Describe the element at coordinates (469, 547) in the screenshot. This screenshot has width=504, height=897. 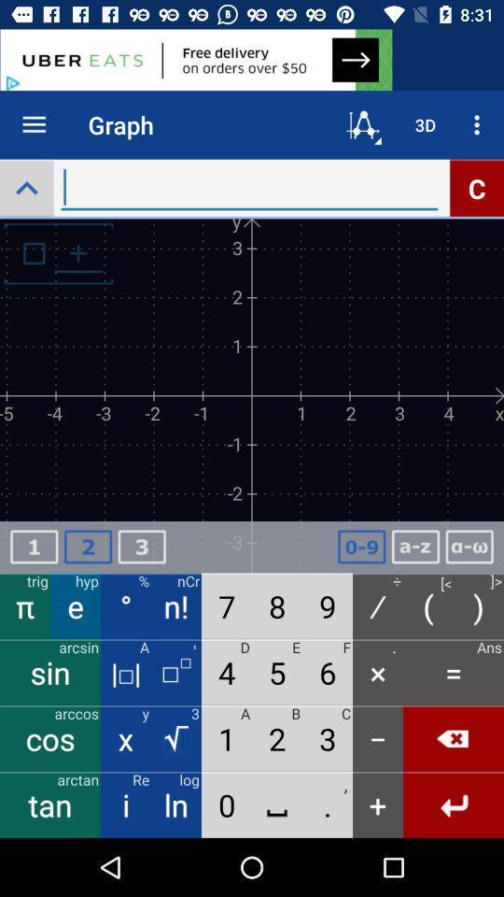
I see `formula` at that location.